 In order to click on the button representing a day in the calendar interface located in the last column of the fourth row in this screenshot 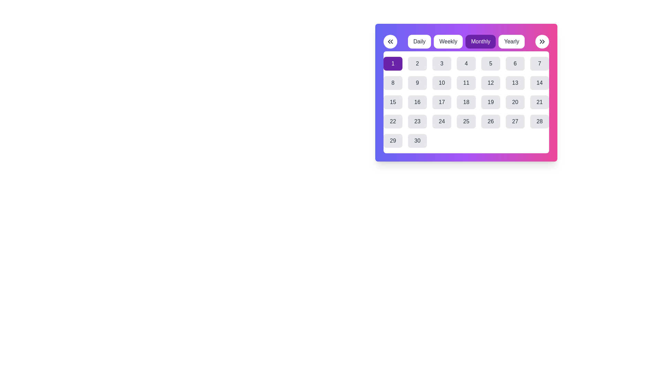, I will do `click(539, 121)`.